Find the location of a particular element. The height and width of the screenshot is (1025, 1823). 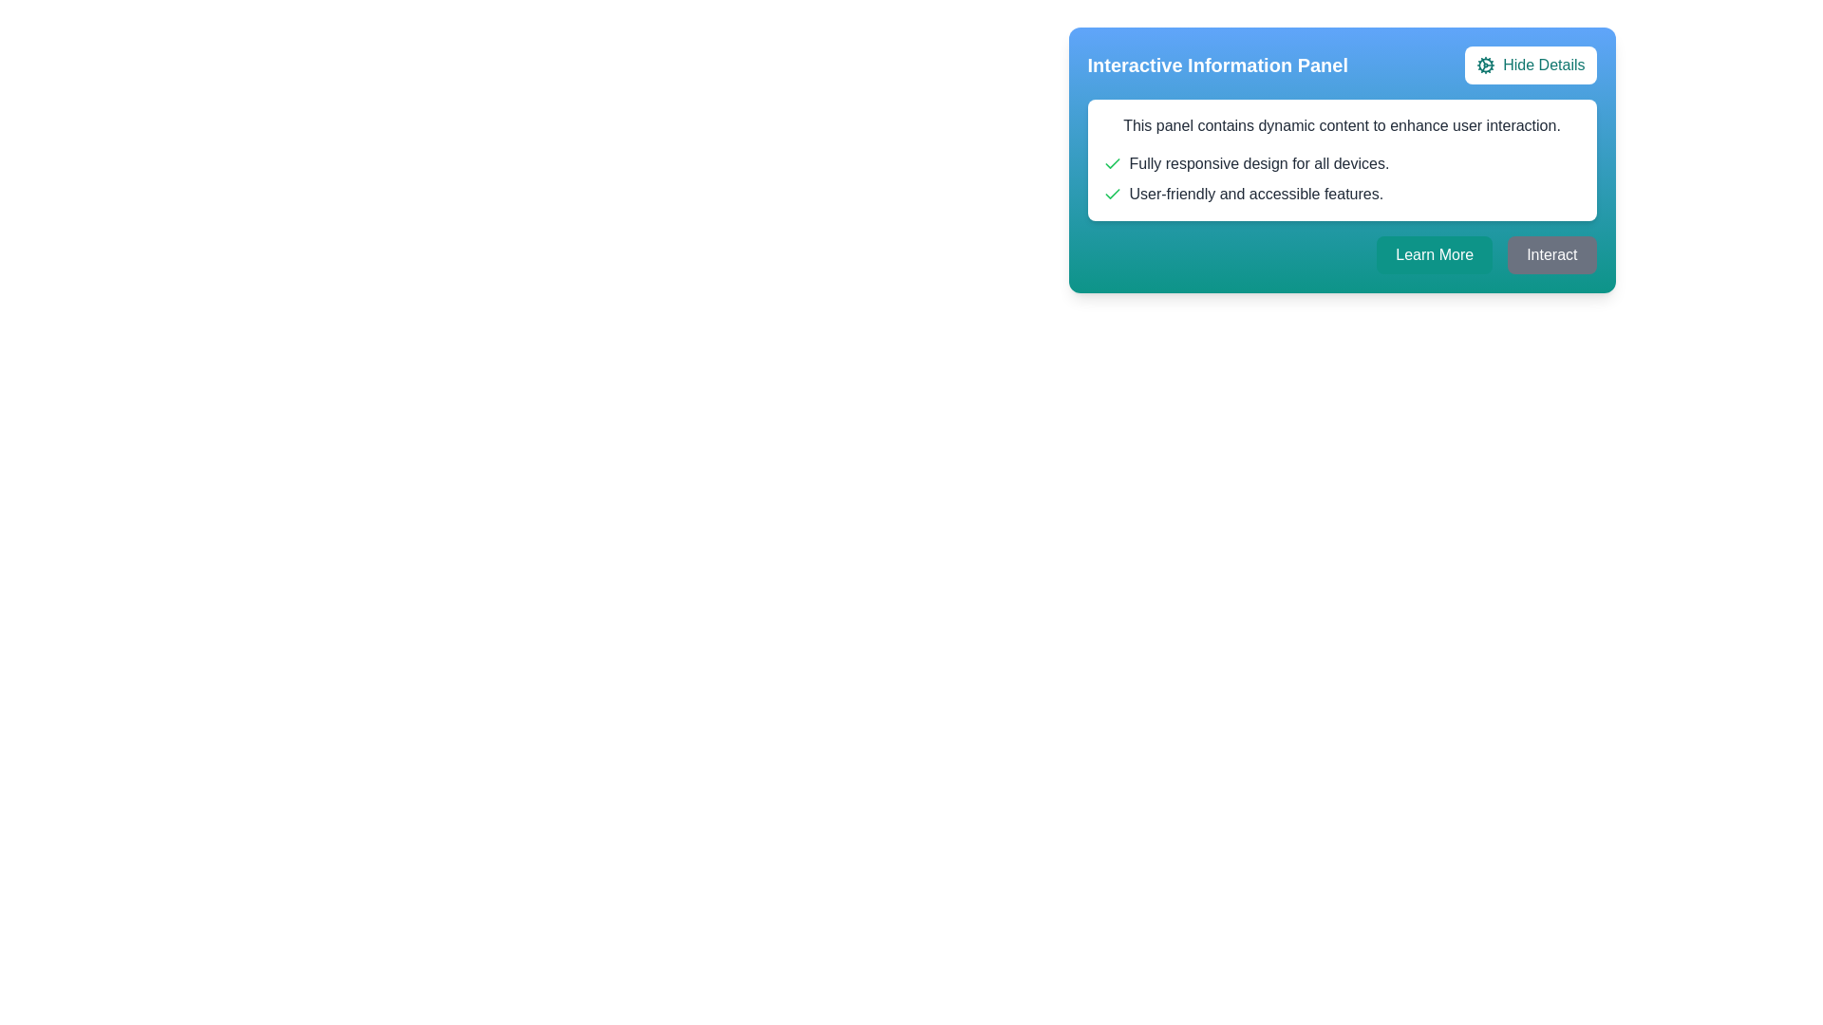

the cog icon located within the Panel Header at the top of the panel for accessing settings options is located at coordinates (1341, 65).